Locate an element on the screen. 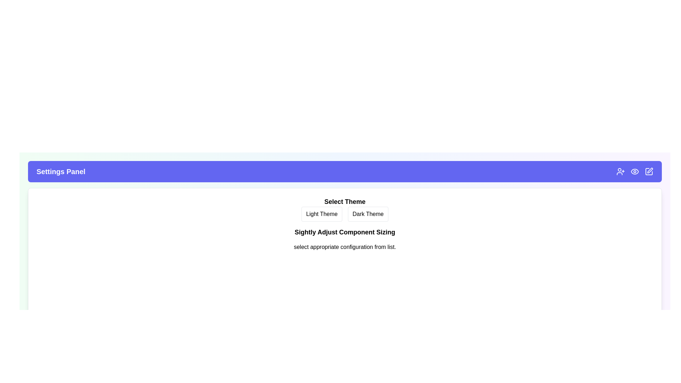 The image size is (681, 383). informative text block titled 'Sightly Adjust Component Sizing' which contains the description 'select appropriate configuration from list.' is located at coordinates (345, 242).